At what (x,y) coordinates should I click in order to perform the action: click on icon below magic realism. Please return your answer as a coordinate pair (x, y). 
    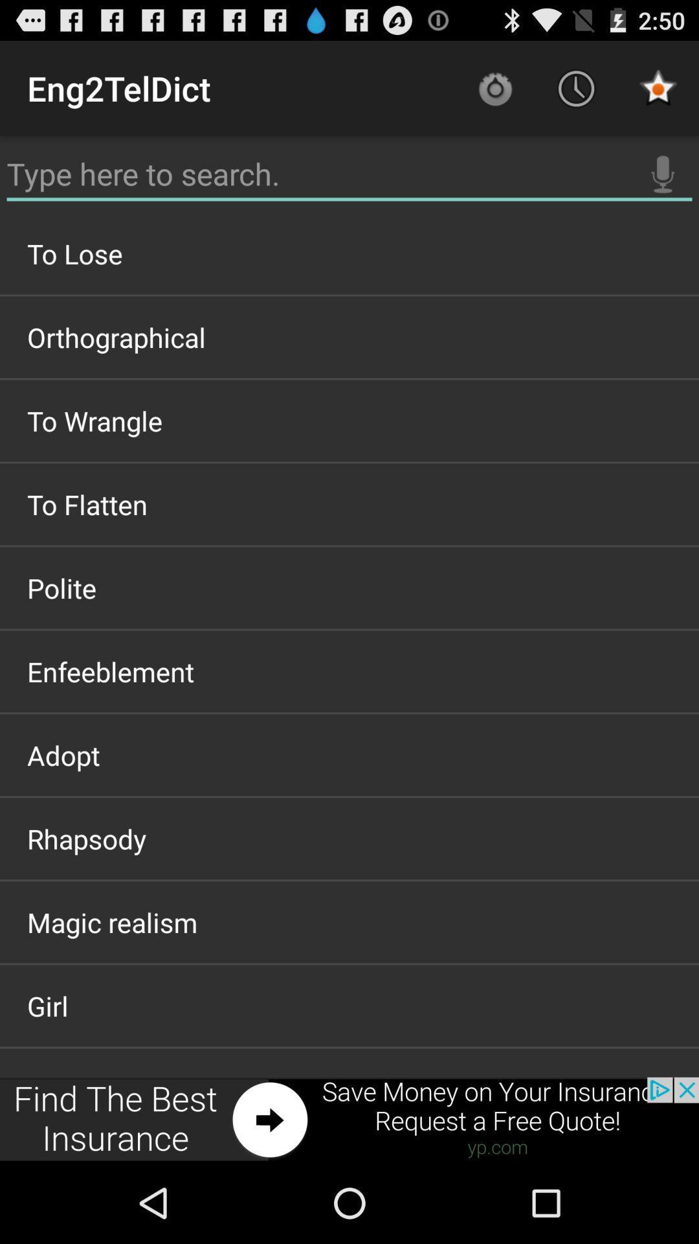
    Looking at the image, I should click on (349, 1005).